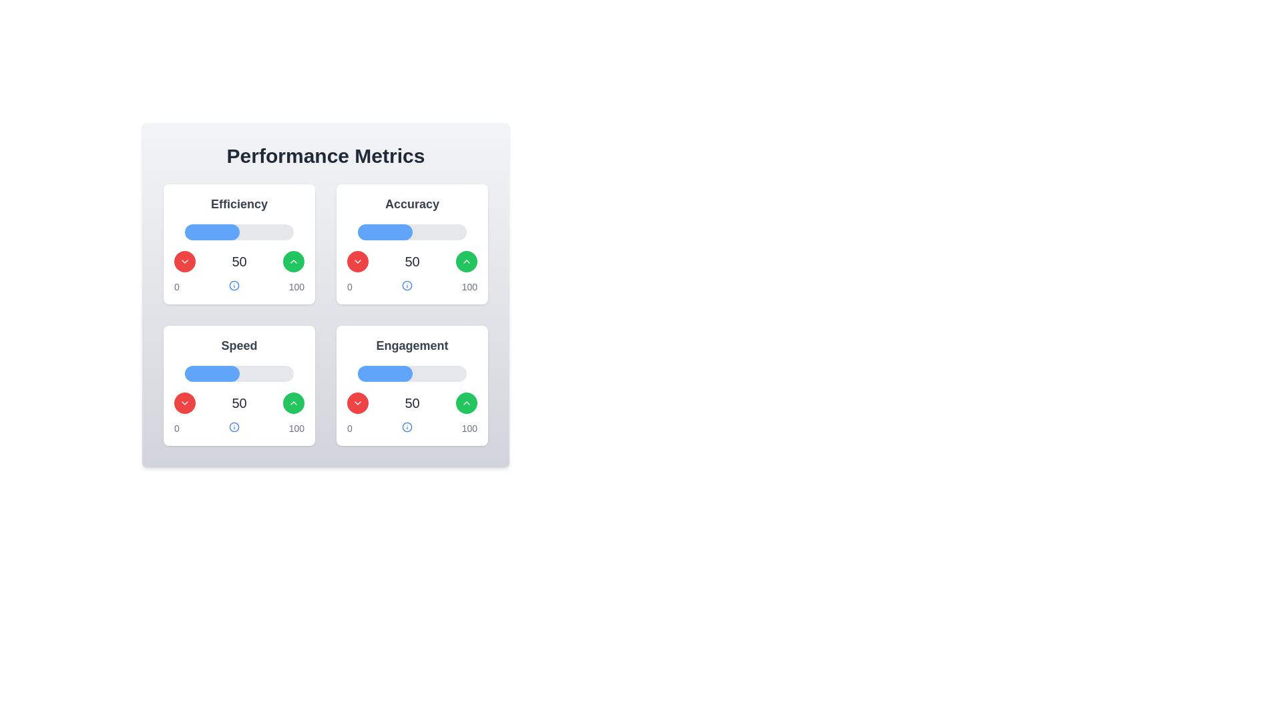  I want to click on the decrement button located in the 'Engagement' card, positioned below the blue progress bar and to the left of the numeric value '50', so click(358, 403).